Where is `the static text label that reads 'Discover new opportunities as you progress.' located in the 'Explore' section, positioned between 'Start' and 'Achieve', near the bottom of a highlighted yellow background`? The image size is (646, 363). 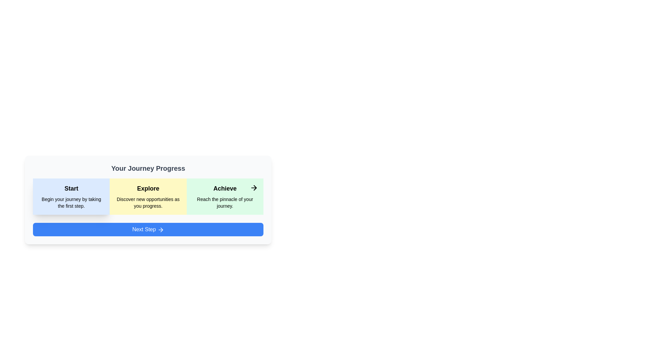
the static text label that reads 'Discover new opportunities as you progress.' located in the 'Explore' section, positioned between 'Start' and 'Achieve', near the bottom of a highlighted yellow background is located at coordinates (148, 202).